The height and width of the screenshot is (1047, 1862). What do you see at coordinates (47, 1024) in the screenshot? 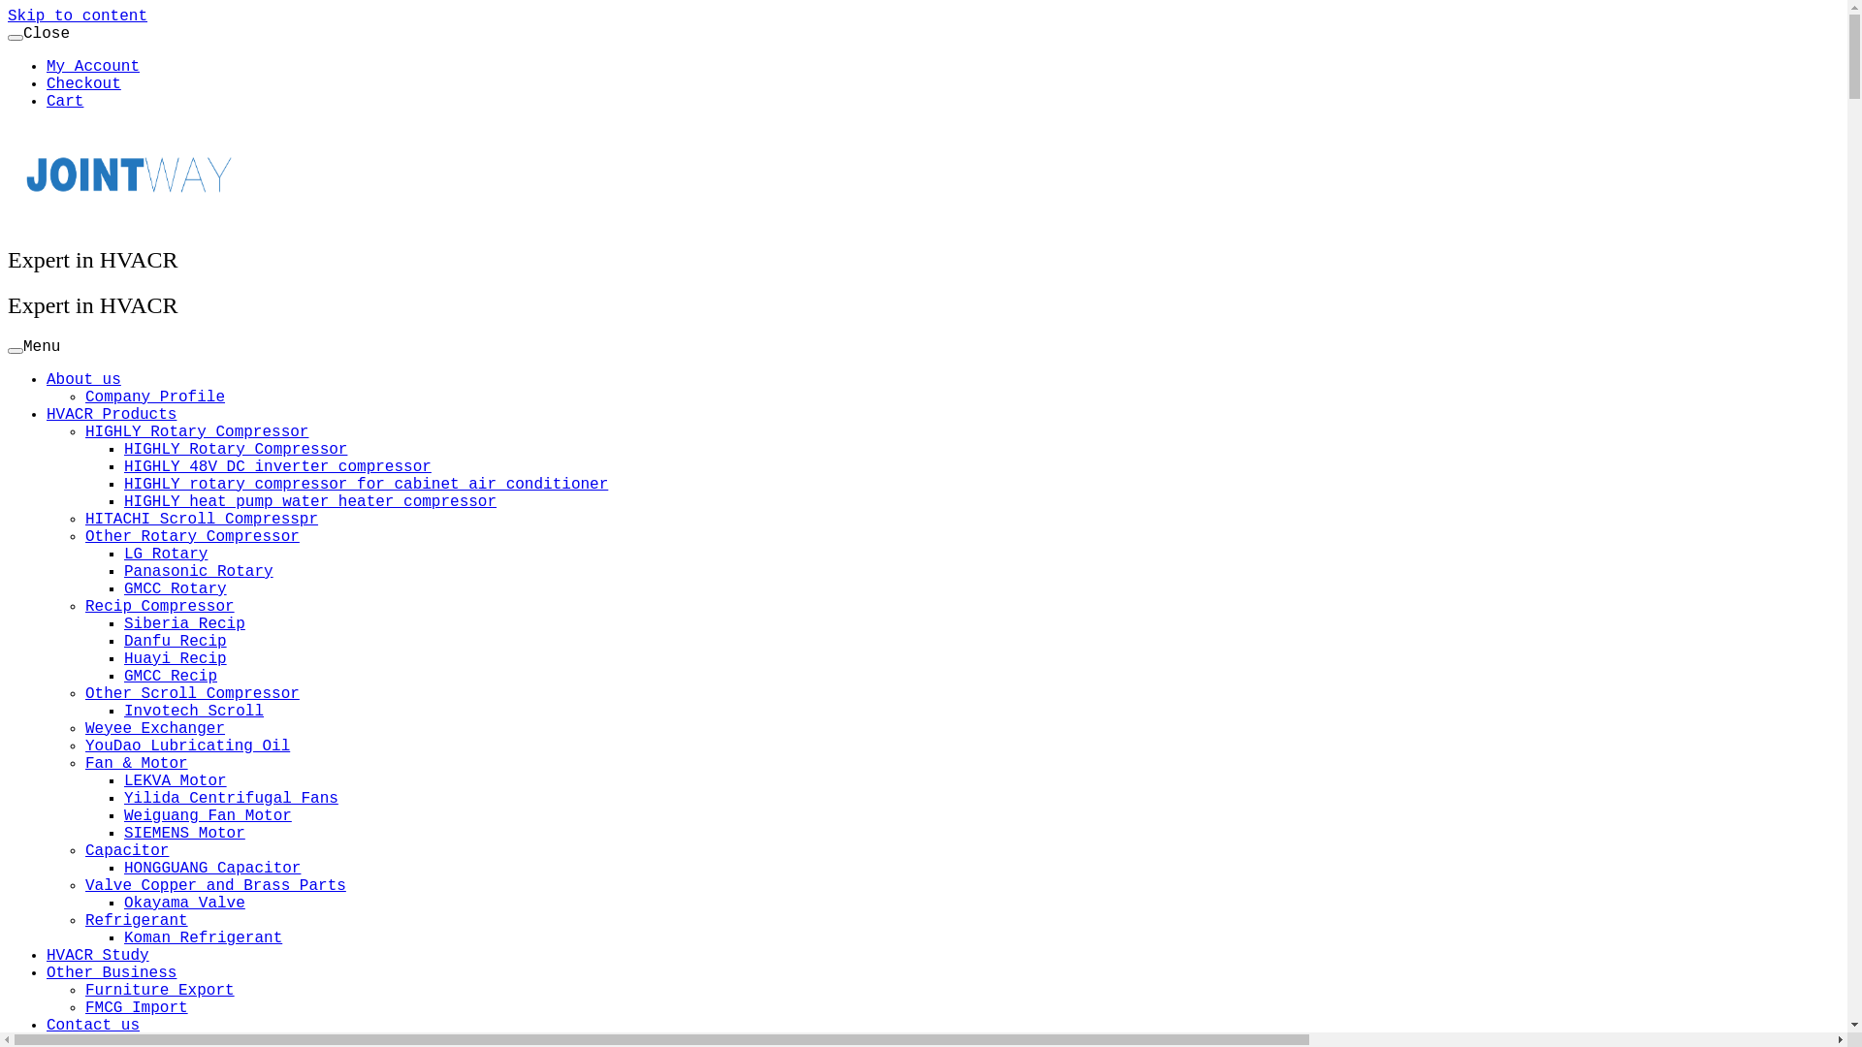
I see `'Contact us'` at bounding box center [47, 1024].